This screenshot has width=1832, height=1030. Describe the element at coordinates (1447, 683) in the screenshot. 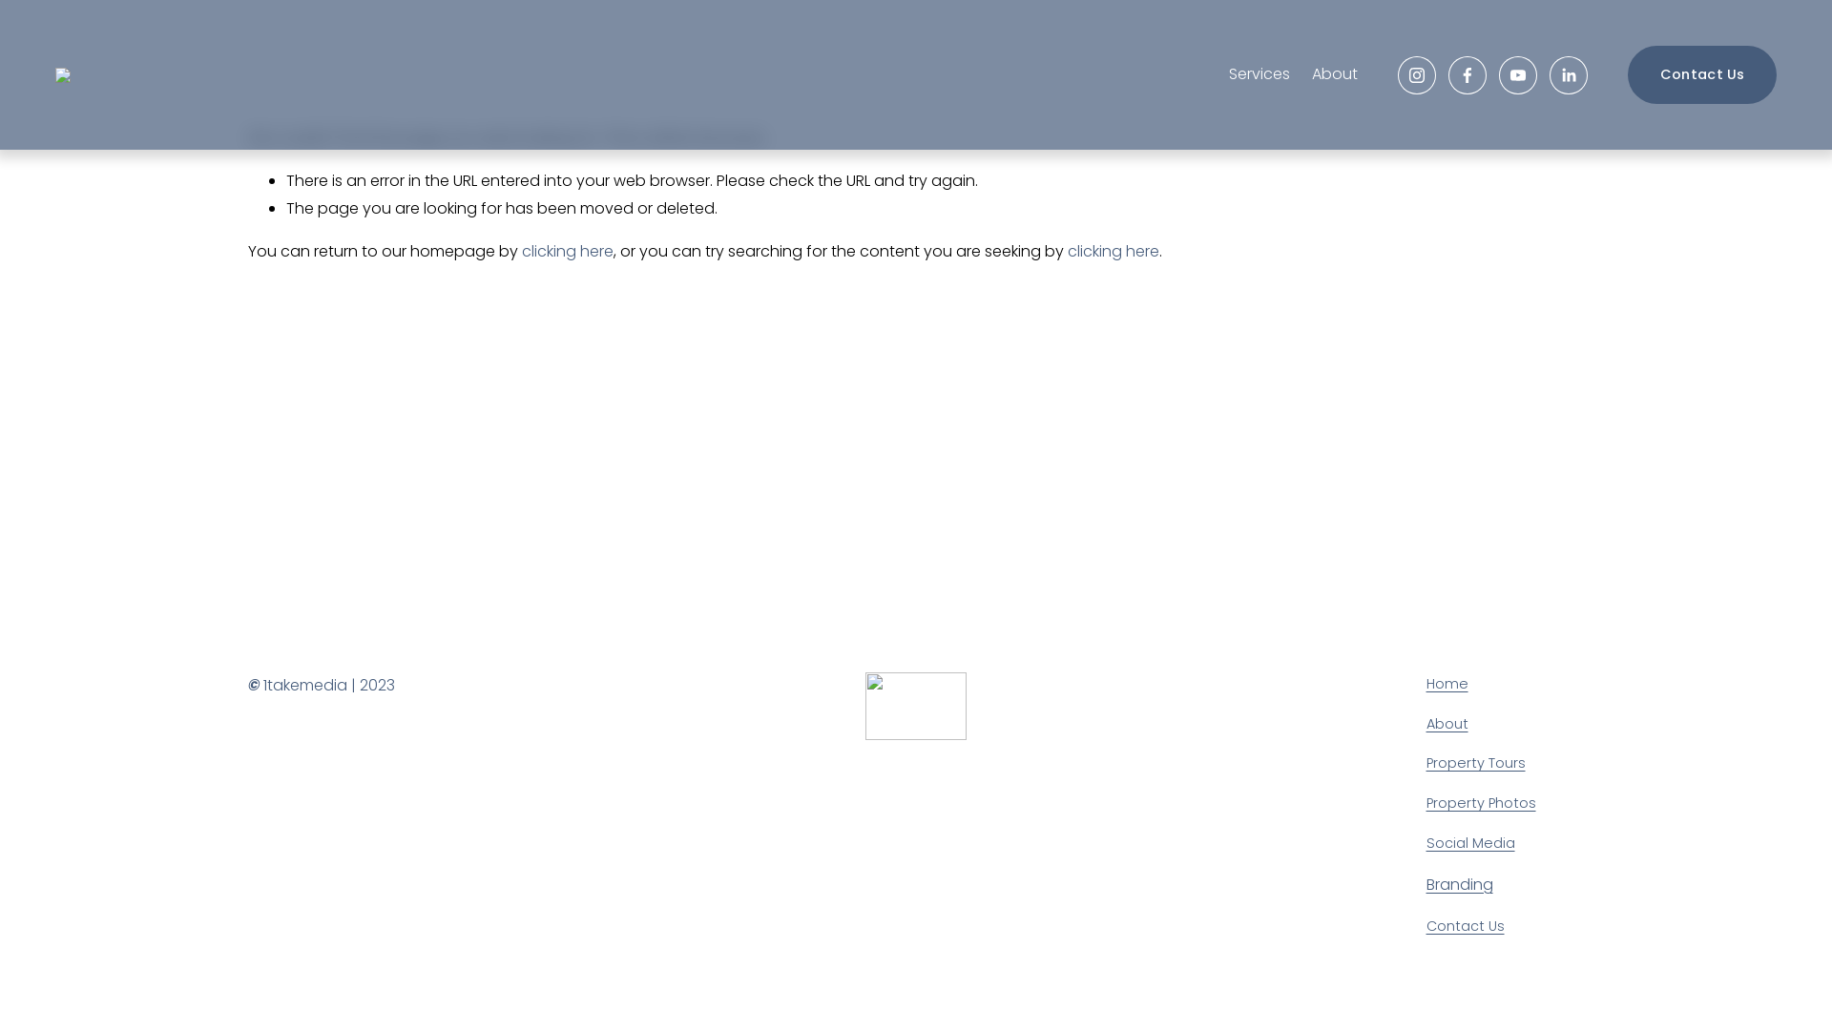

I see `'Home'` at that location.